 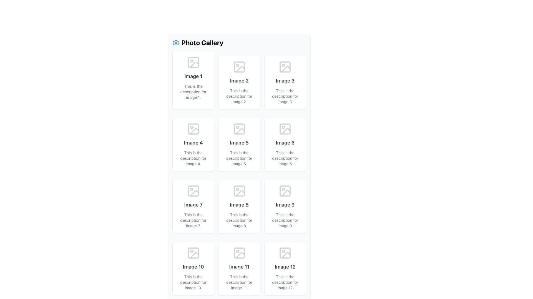 What do you see at coordinates (239, 267) in the screenshot?
I see `the heading labeled 'Image 11' which is styled in bold gray font and located in the fourth row, second column of the photo gallery grid layout, positioned under an image placeholder and above a description text` at bounding box center [239, 267].